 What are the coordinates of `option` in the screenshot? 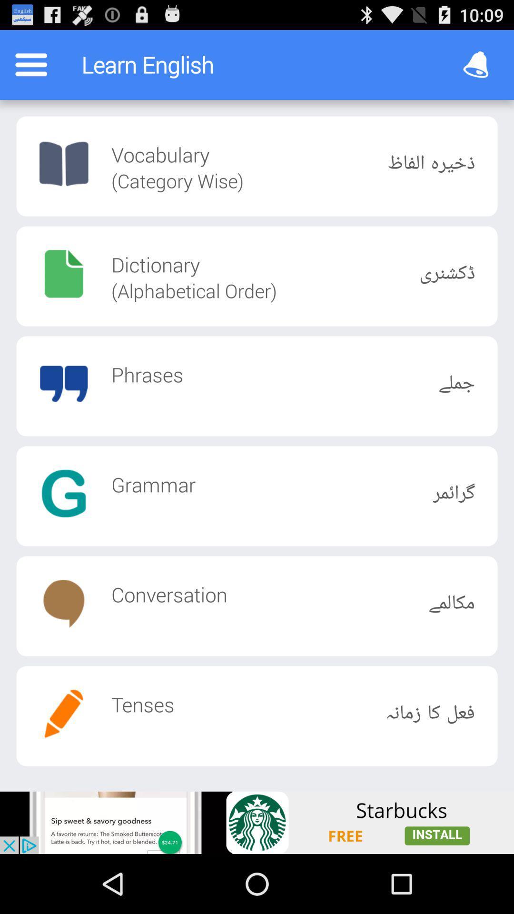 It's located at (257, 822).